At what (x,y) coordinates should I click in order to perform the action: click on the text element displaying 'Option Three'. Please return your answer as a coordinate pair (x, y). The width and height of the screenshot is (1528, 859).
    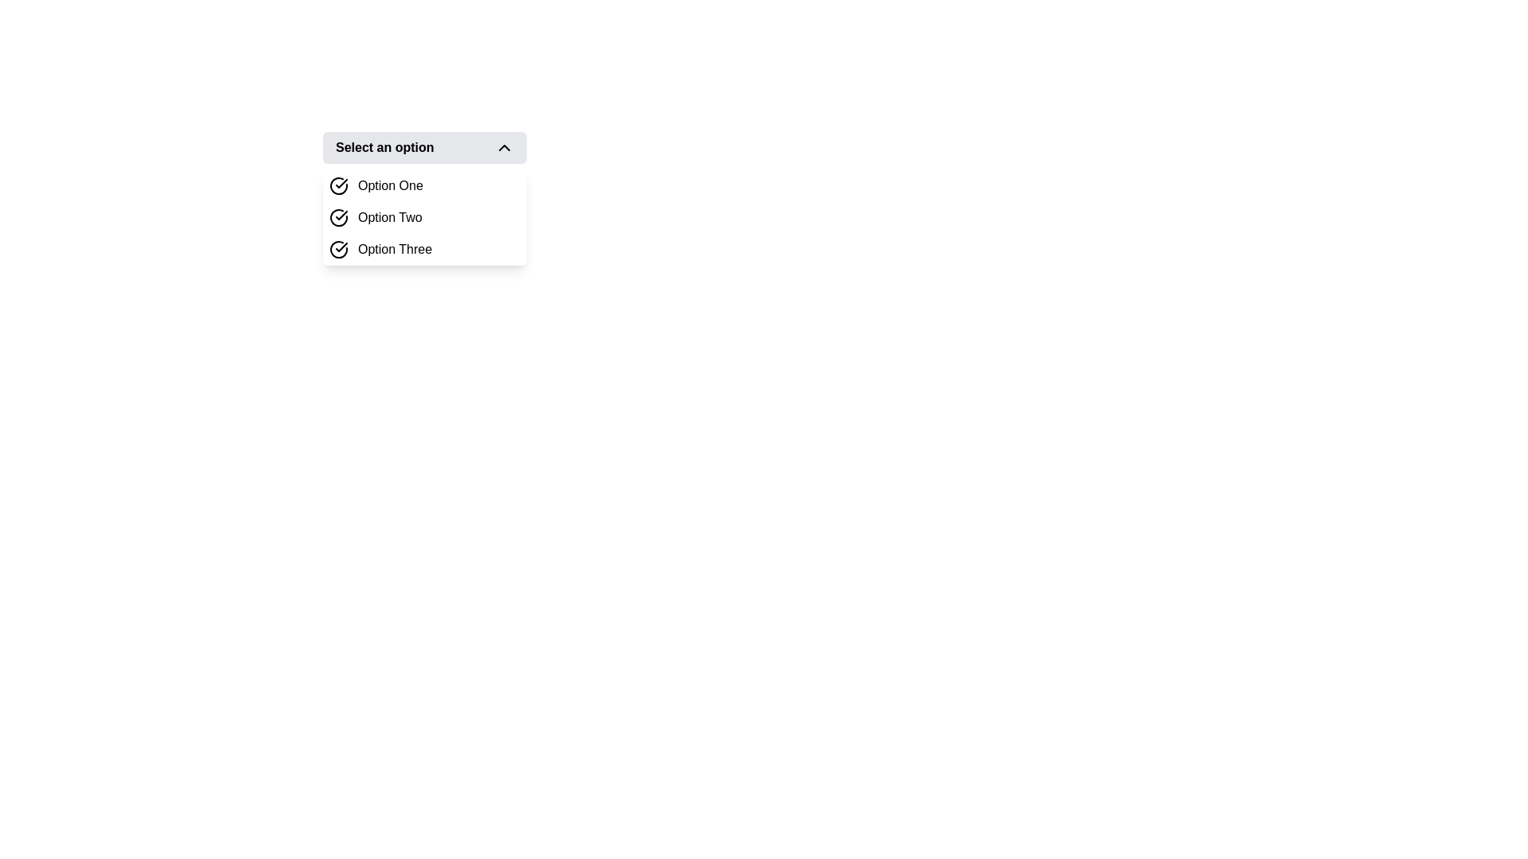
    Looking at the image, I should click on (395, 249).